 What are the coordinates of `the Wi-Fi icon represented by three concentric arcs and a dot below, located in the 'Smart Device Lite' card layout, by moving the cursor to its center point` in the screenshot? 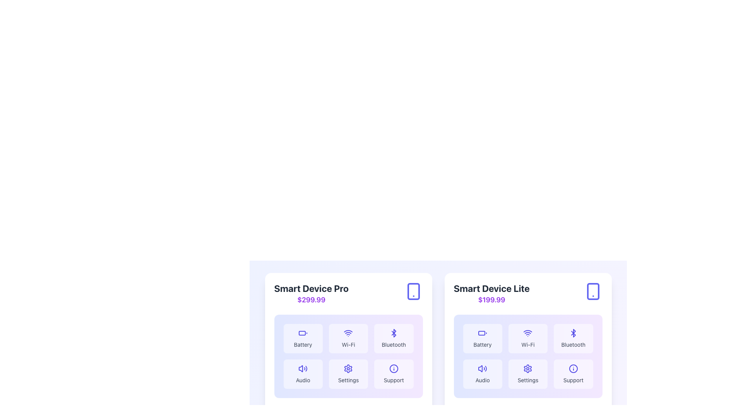 It's located at (527, 333).